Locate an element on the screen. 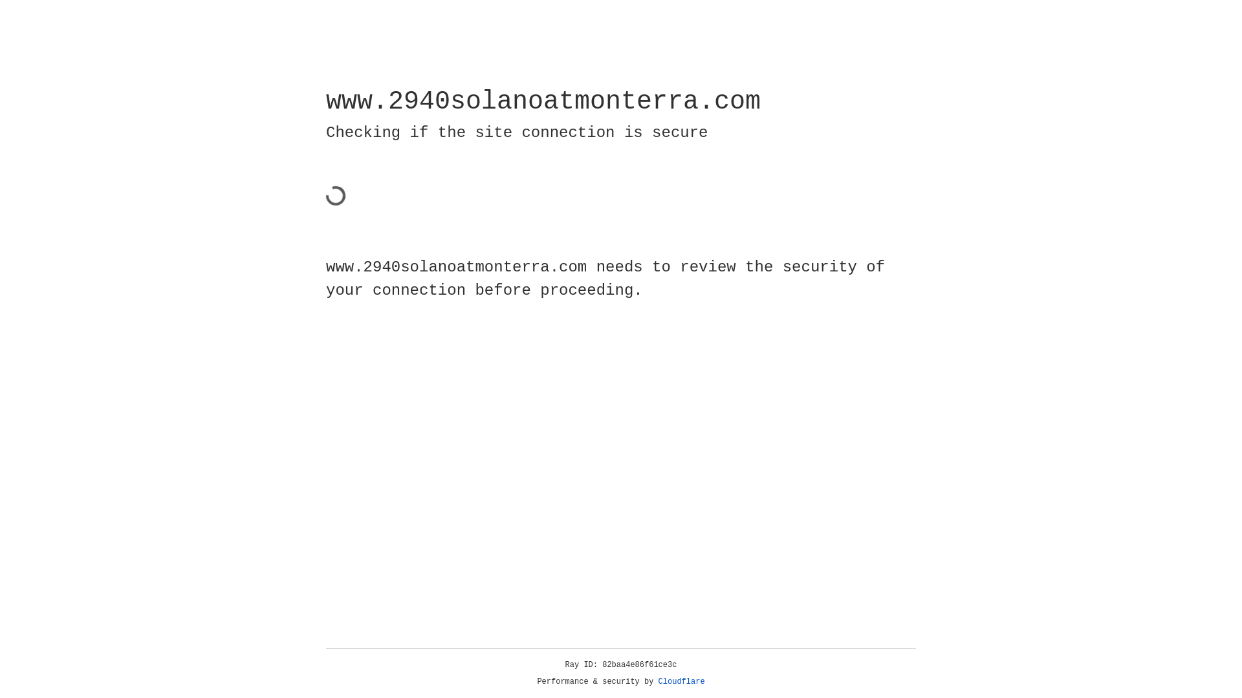  'Cloudflare' is located at coordinates (681, 681).